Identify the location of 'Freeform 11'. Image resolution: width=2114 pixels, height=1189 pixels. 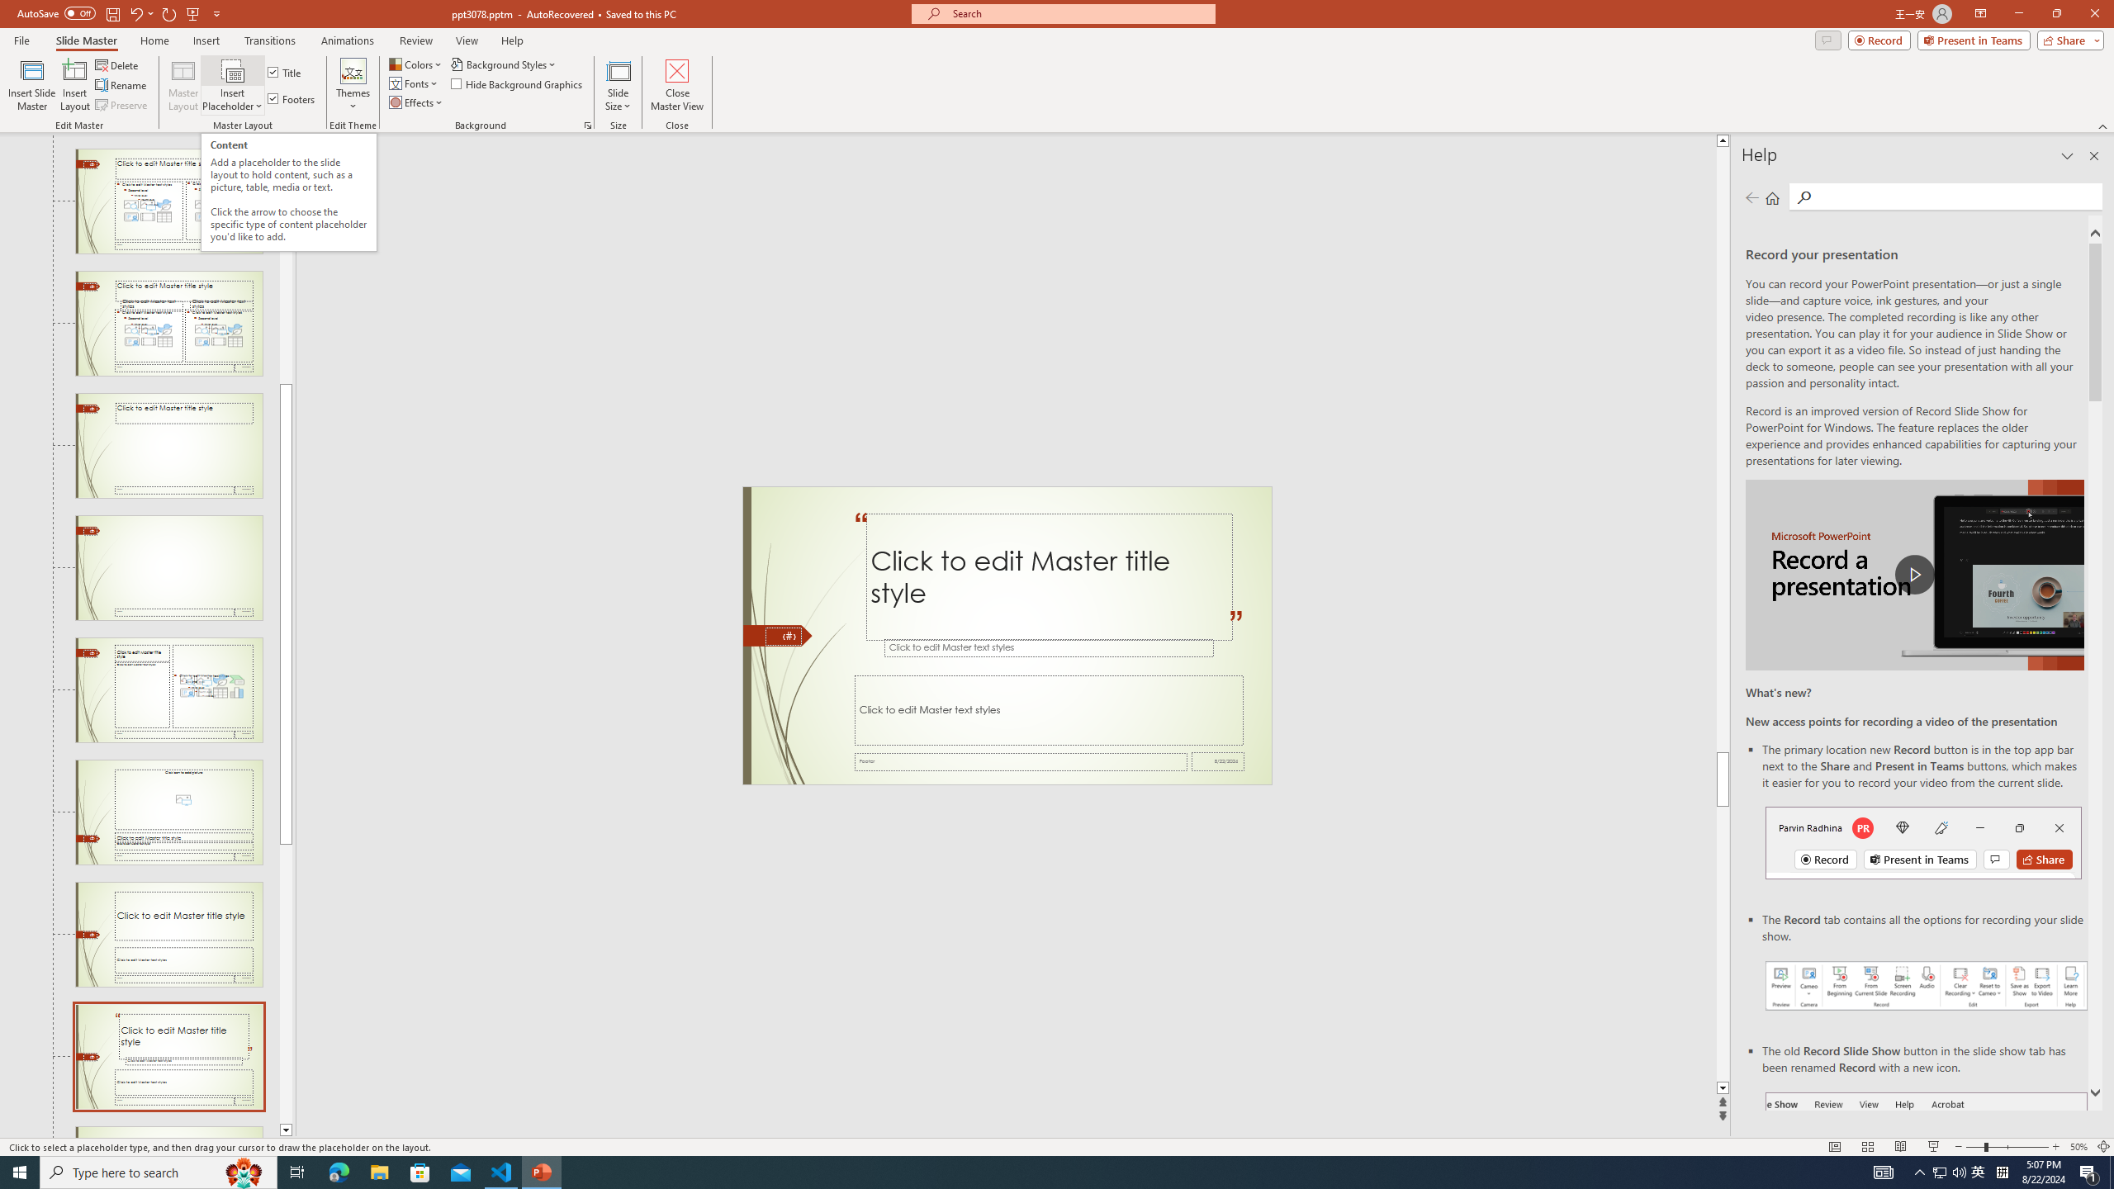
(777, 635).